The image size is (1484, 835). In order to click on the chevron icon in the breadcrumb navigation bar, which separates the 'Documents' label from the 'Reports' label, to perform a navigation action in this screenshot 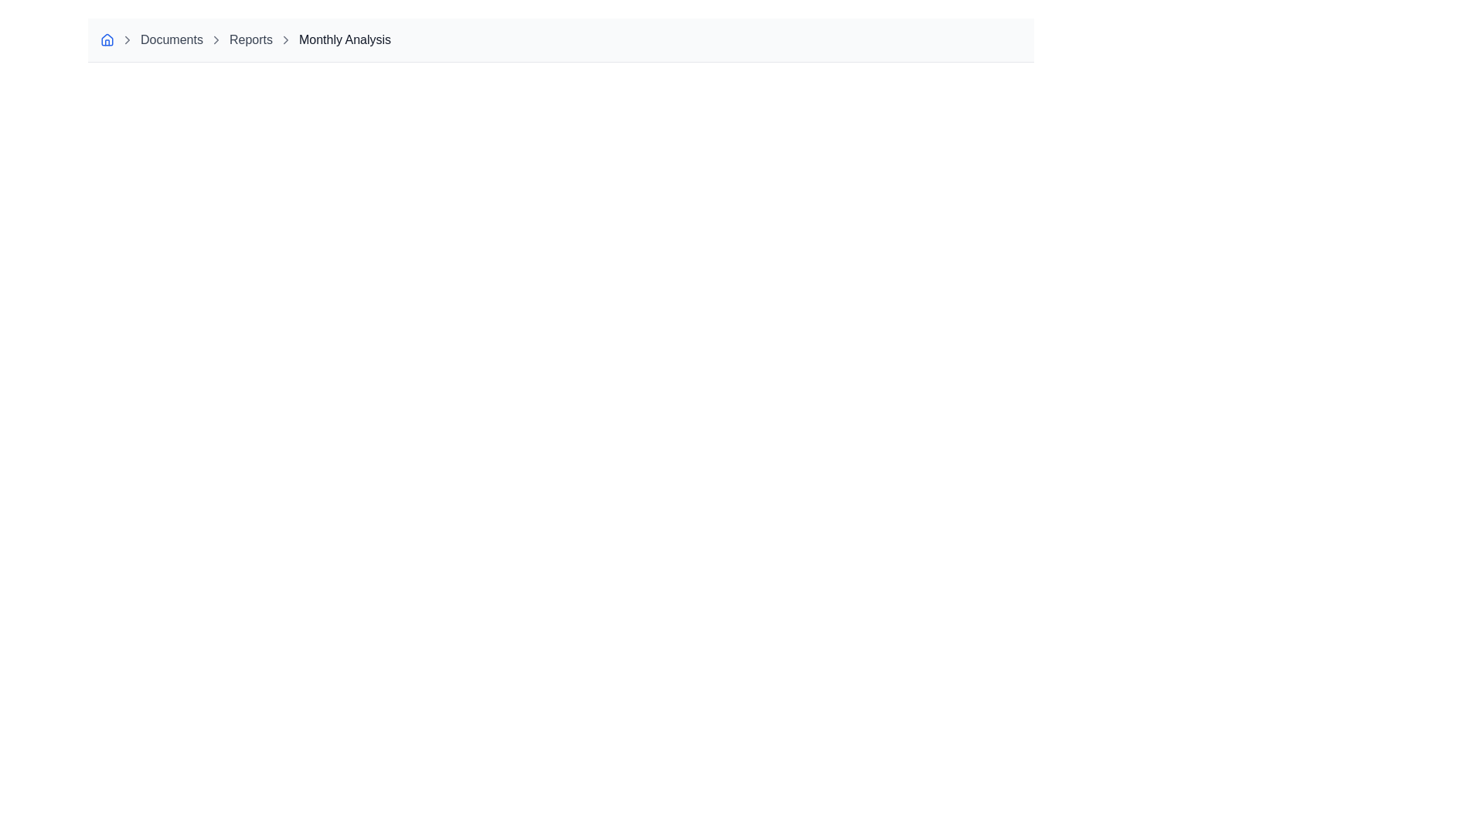, I will do `click(127, 39)`.